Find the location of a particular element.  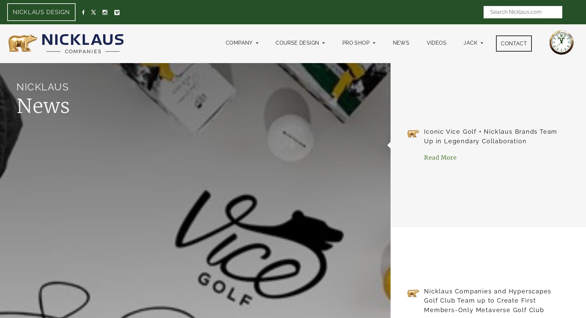

'Read More' is located at coordinates (440, 157).